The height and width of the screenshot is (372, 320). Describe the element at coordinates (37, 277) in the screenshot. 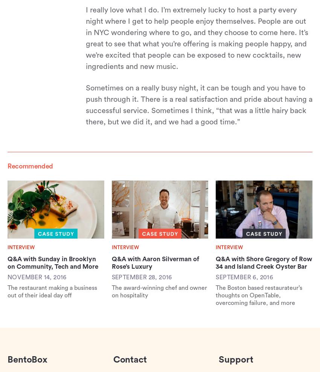

I see `'November 14, 2016'` at that location.